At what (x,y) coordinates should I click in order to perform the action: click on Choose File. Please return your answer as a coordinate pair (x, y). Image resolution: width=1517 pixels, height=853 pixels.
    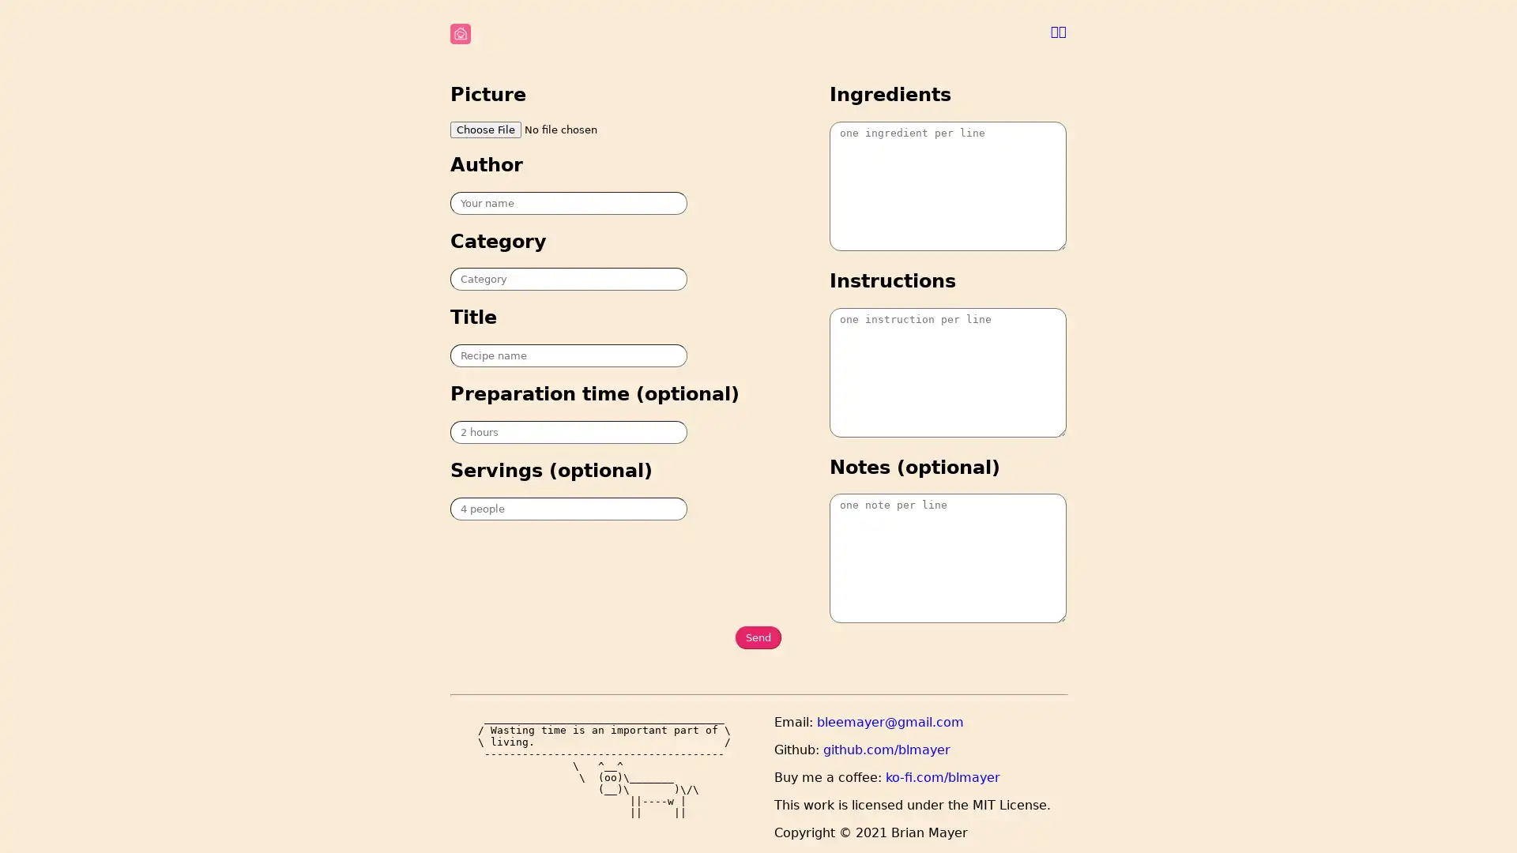
    Looking at the image, I should click on (484, 128).